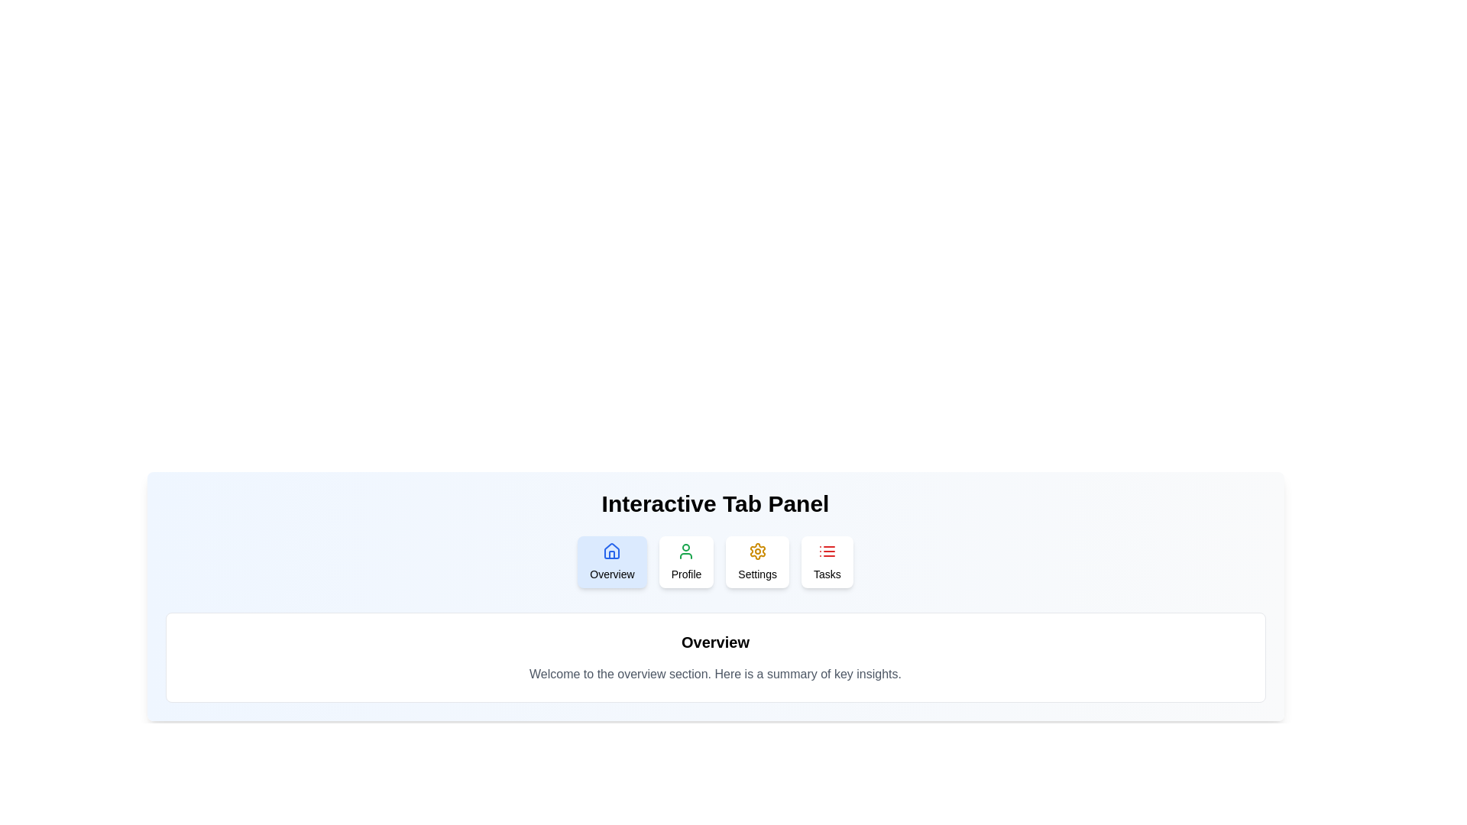 The height and width of the screenshot is (825, 1467). I want to click on the Overview tab to view its content, so click(612, 562).